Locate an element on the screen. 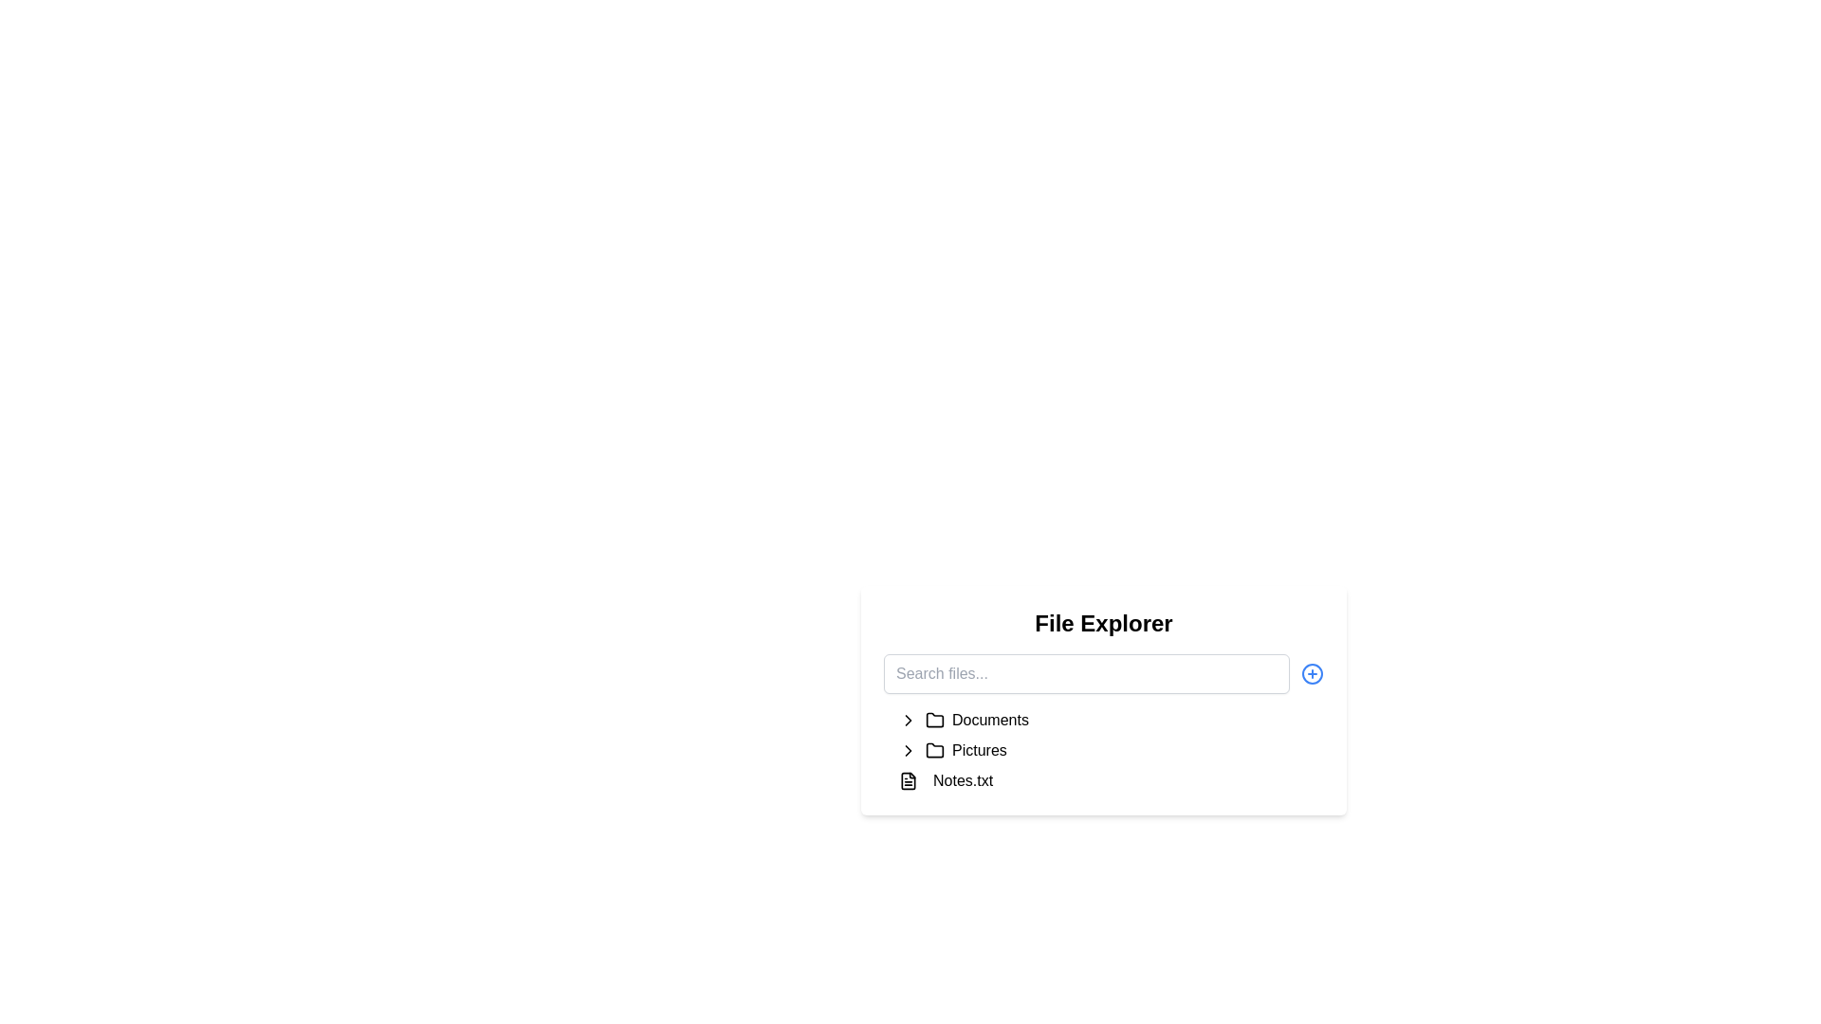 Image resolution: width=1821 pixels, height=1024 pixels. the rightward-facing arrowhead SVG icon, which is part of a navigational interface and indicates a direction or action is located at coordinates (908, 749).